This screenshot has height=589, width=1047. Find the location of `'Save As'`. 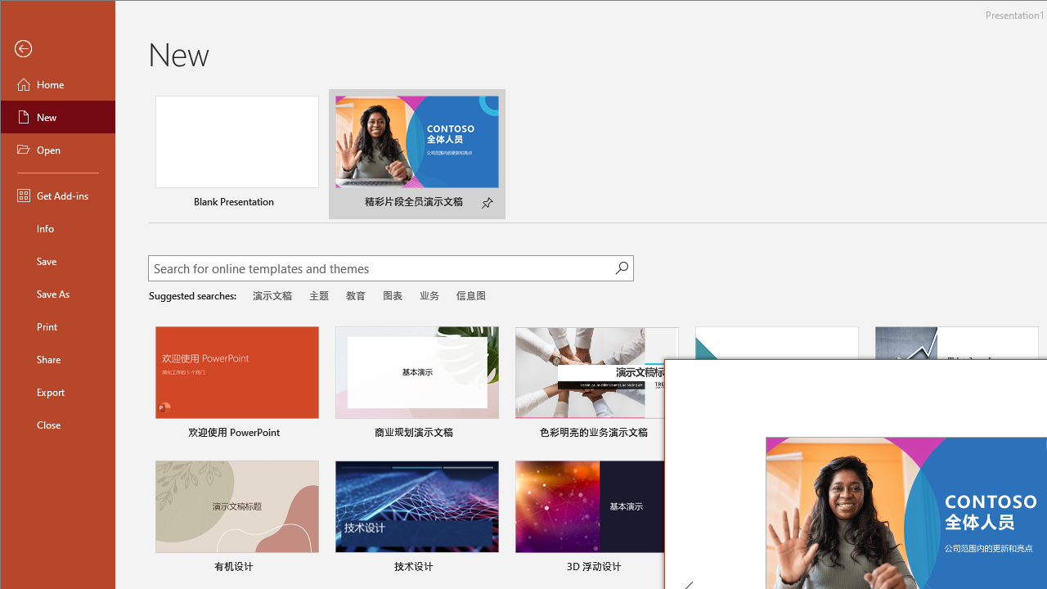

'Save As' is located at coordinates (58, 292).